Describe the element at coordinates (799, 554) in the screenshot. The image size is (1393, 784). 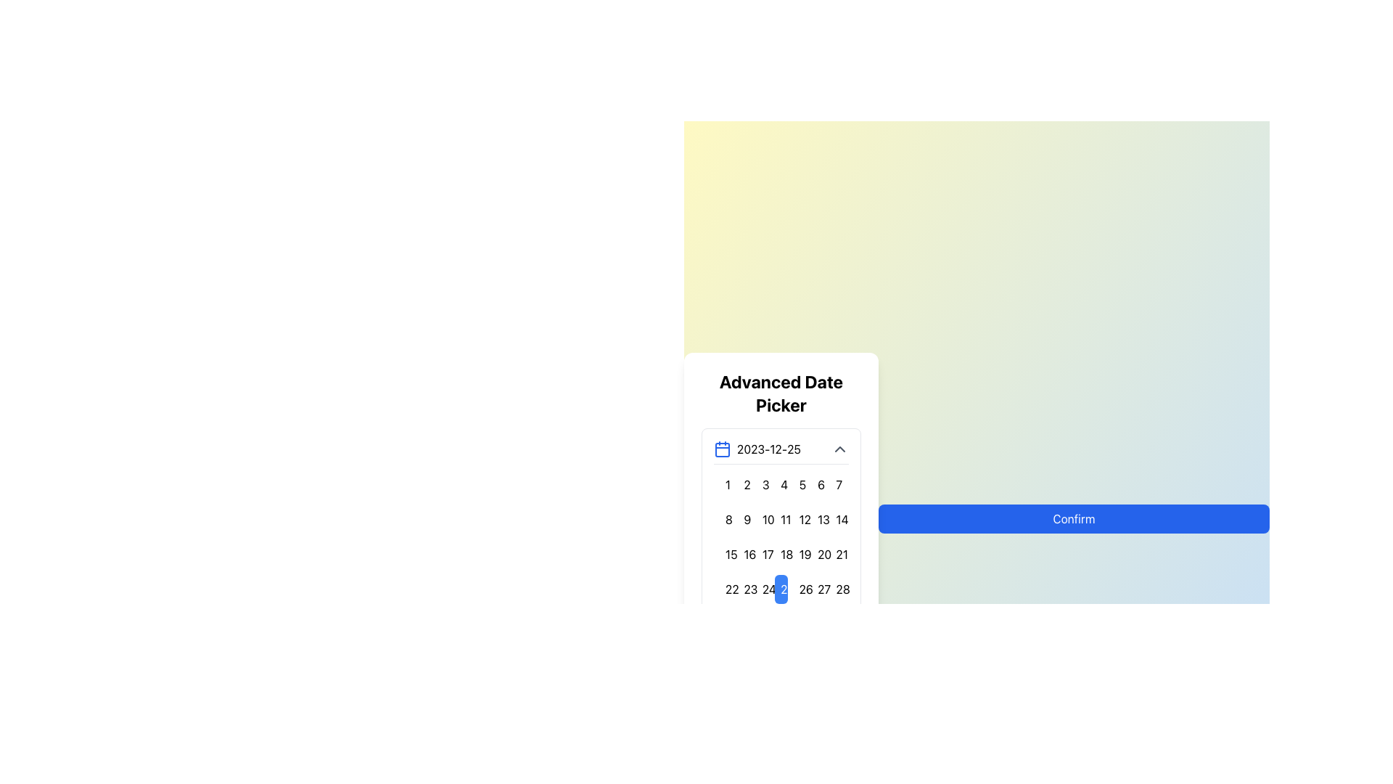
I see `the button labeled '19' in the calendar interface under the 'Advanced Date Picker' header` at that location.